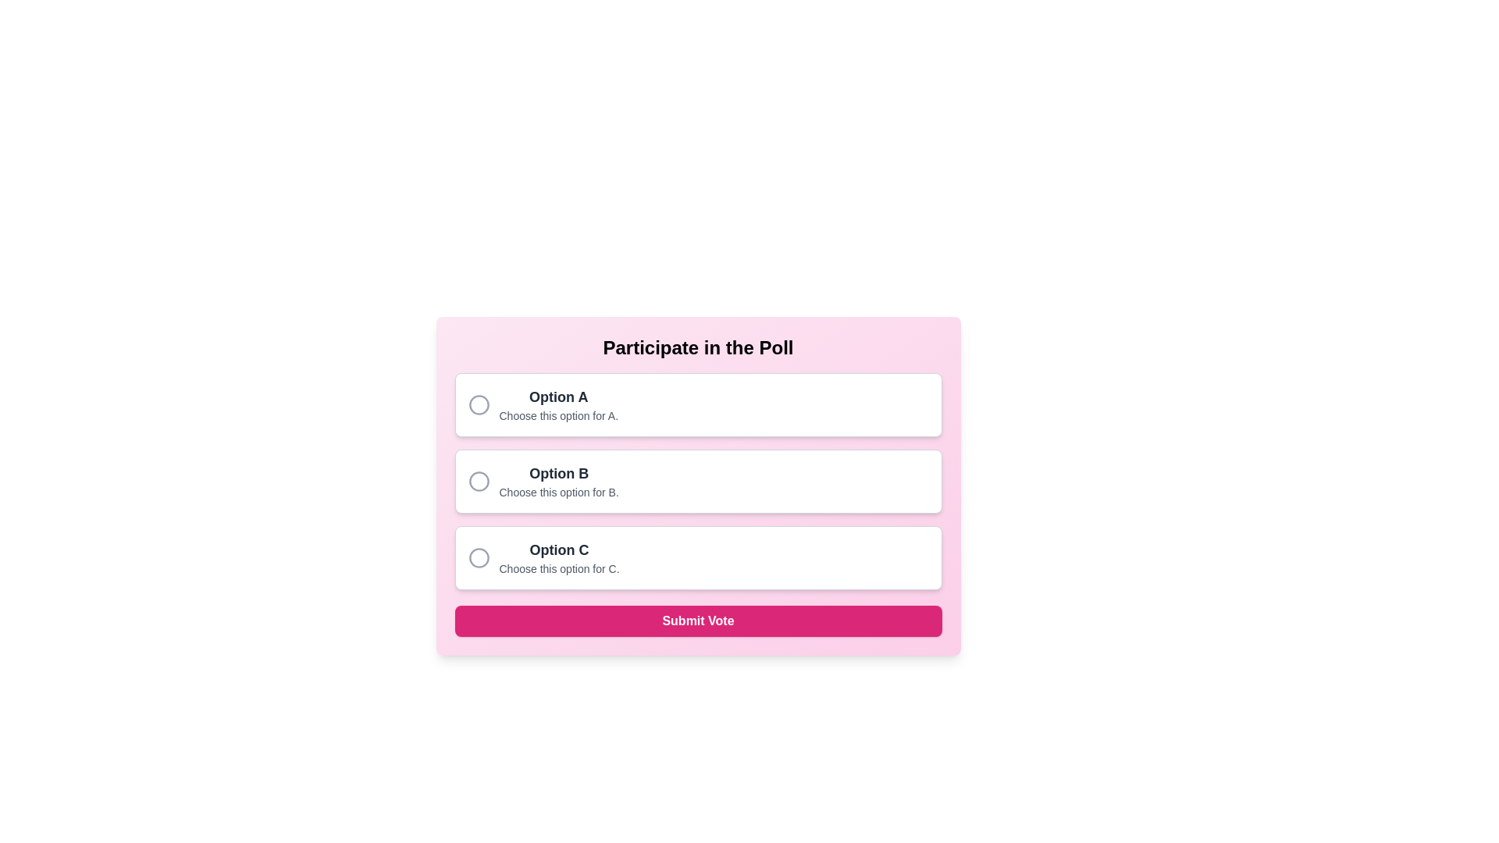  What do you see at coordinates (559, 472) in the screenshot?
I see `the Text label that identifies the second option in the poll setup, which is positioned above the descriptive text 'Choose this option for B.'` at bounding box center [559, 472].